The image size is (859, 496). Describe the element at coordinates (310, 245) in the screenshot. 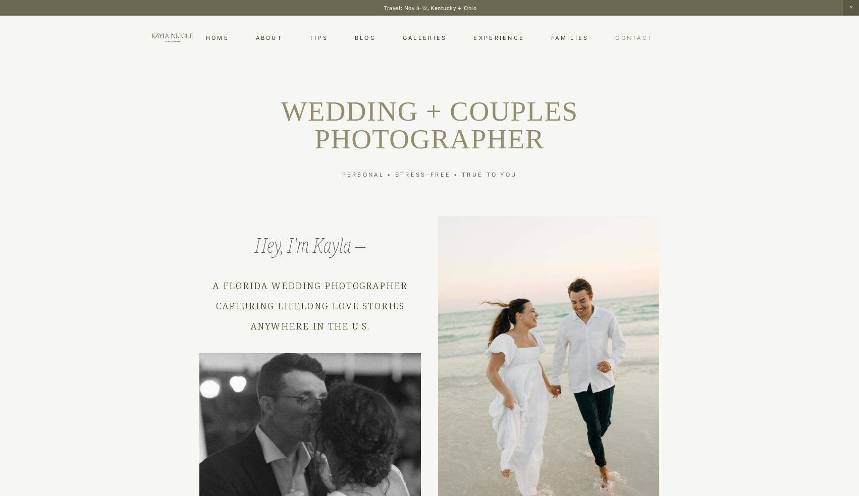

I see `'Hey, I’m Kayla –'` at that location.